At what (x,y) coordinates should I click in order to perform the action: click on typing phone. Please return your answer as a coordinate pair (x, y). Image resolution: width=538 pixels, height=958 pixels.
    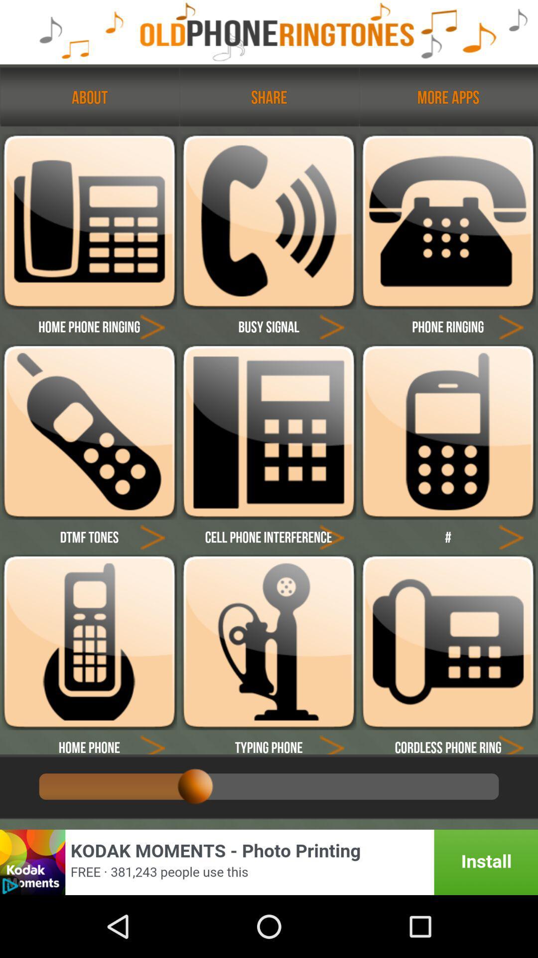
    Looking at the image, I should click on (332, 742).